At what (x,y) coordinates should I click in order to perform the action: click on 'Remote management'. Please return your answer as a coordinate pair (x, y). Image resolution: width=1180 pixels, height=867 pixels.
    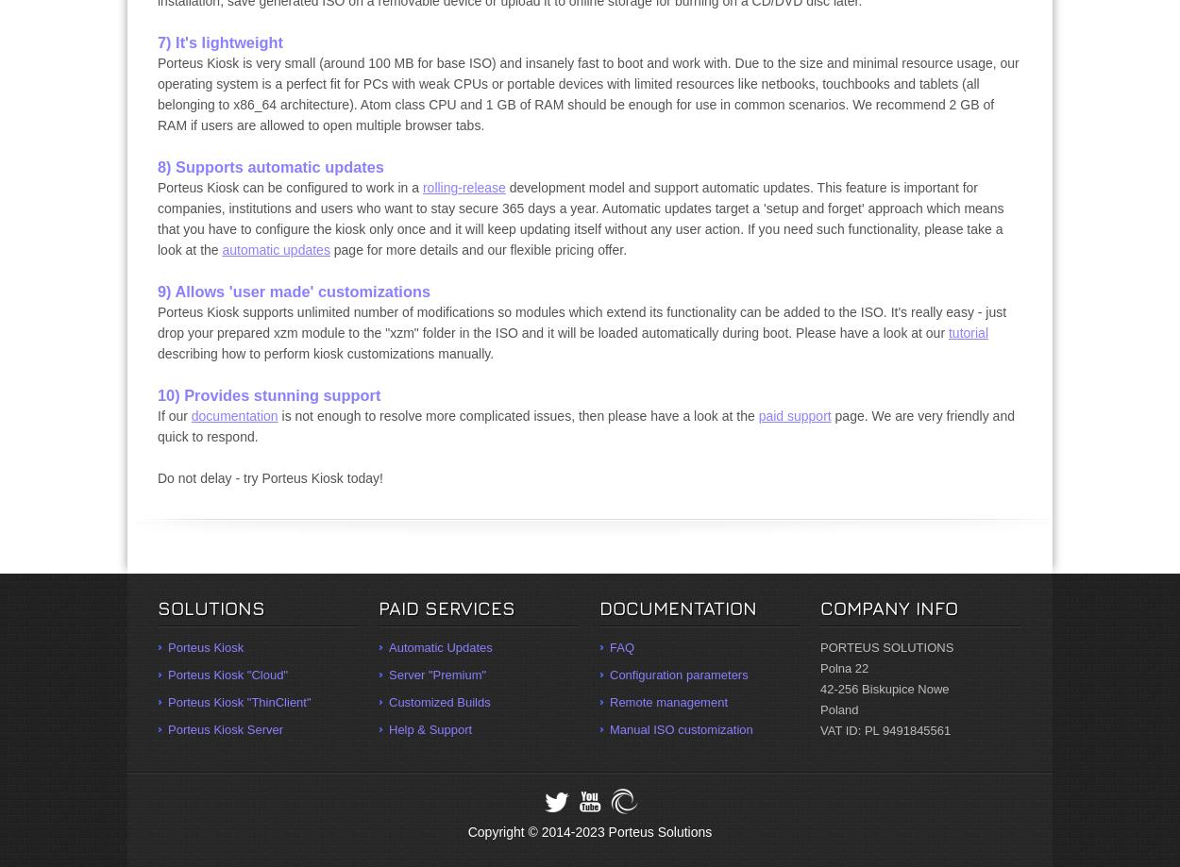
    Looking at the image, I should click on (667, 702).